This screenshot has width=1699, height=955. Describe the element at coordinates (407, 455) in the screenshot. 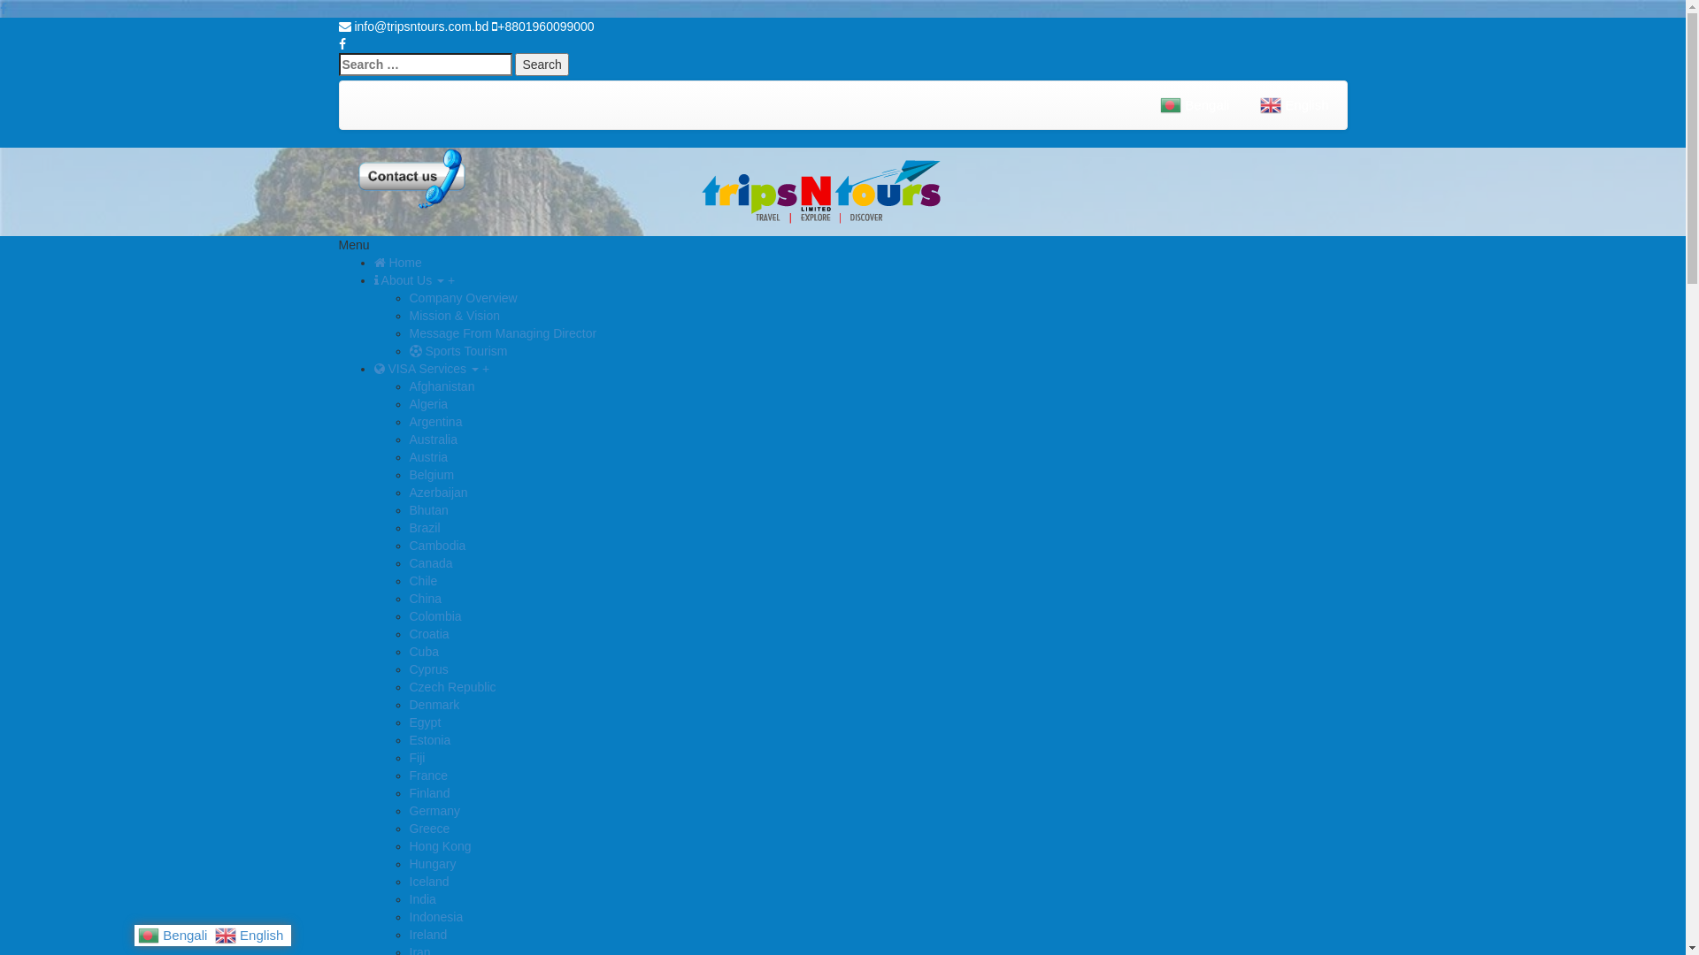

I see `'Austria'` at that location.